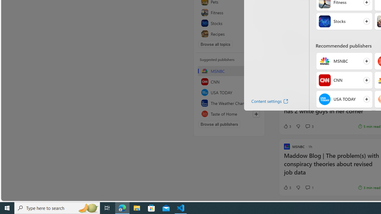 This screenshot has width=381, height=214. Describe the element at coordinates (307, 188) in the screenshot. I see `'View comments 1 Comment'` at that location.